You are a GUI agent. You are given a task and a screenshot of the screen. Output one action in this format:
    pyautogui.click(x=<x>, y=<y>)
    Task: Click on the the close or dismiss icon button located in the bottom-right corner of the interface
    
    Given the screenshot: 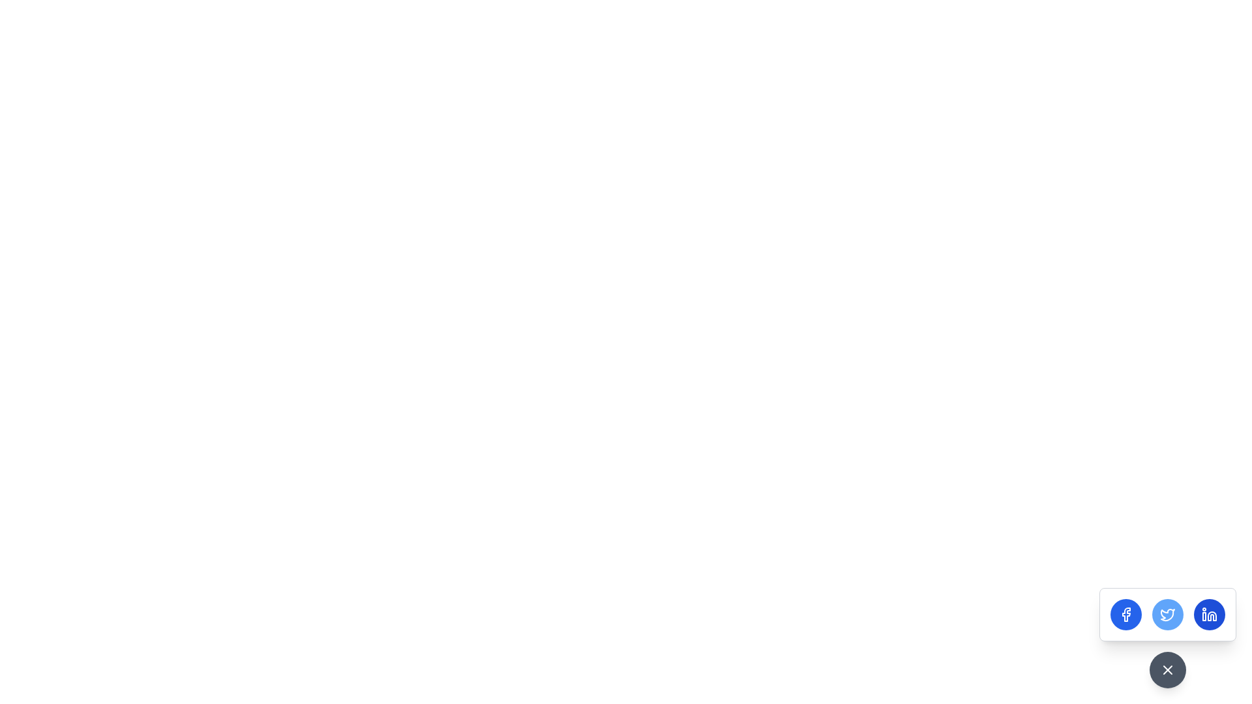 What is the action you would take?
    pyautogui.click(x=1167, y=670)
    